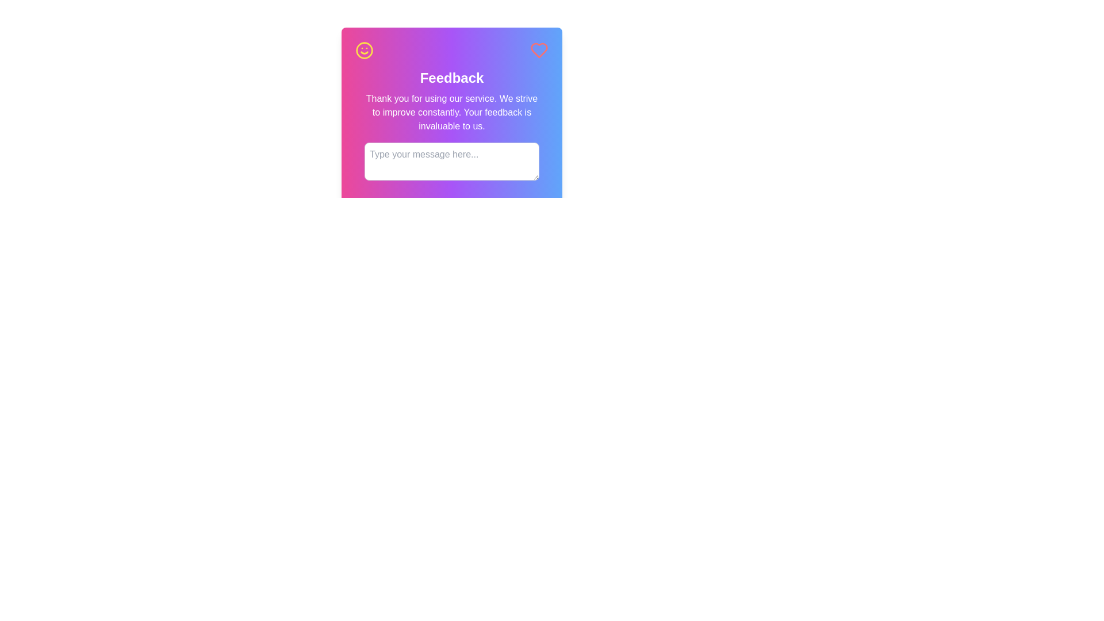 The height and width of the screenshot is (621, 1104). Describe the element at coordinates (363, 50) in the screenshot. I see `the decorative icon representing a smiley face, which is a cheerful yellow icon with a circular outline, located at the top-left corner of the feedback form, adjacent to the title 'Feedback'` at that location.